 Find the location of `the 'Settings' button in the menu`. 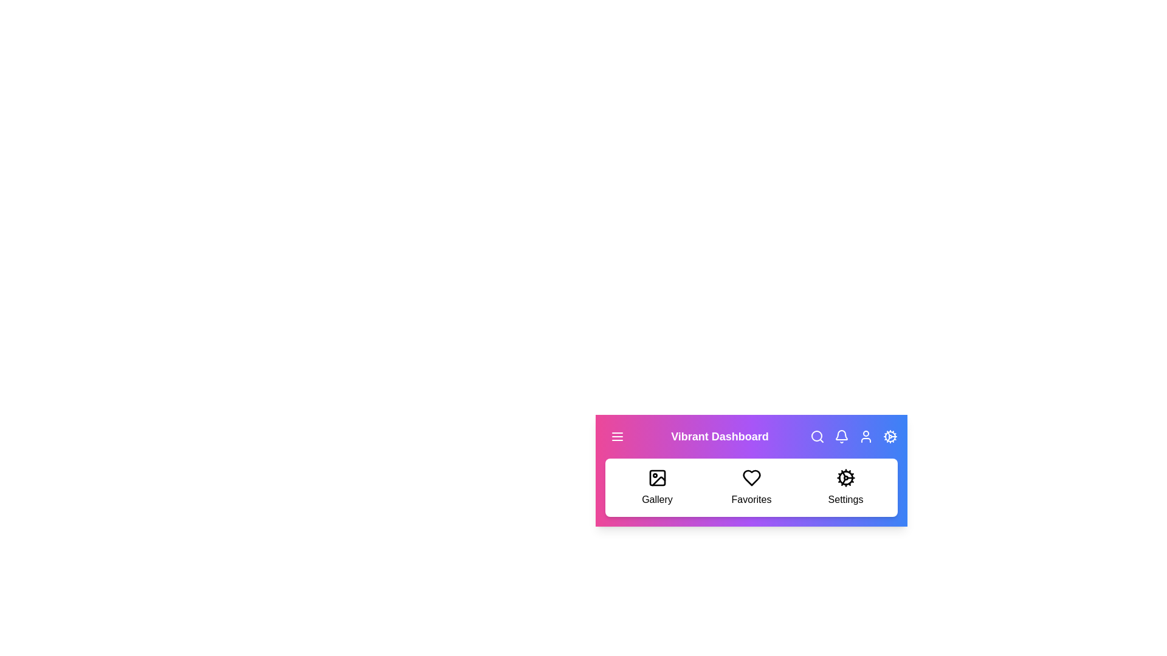

the 'Settings' button in the menu is located at coordinates (890, 436).